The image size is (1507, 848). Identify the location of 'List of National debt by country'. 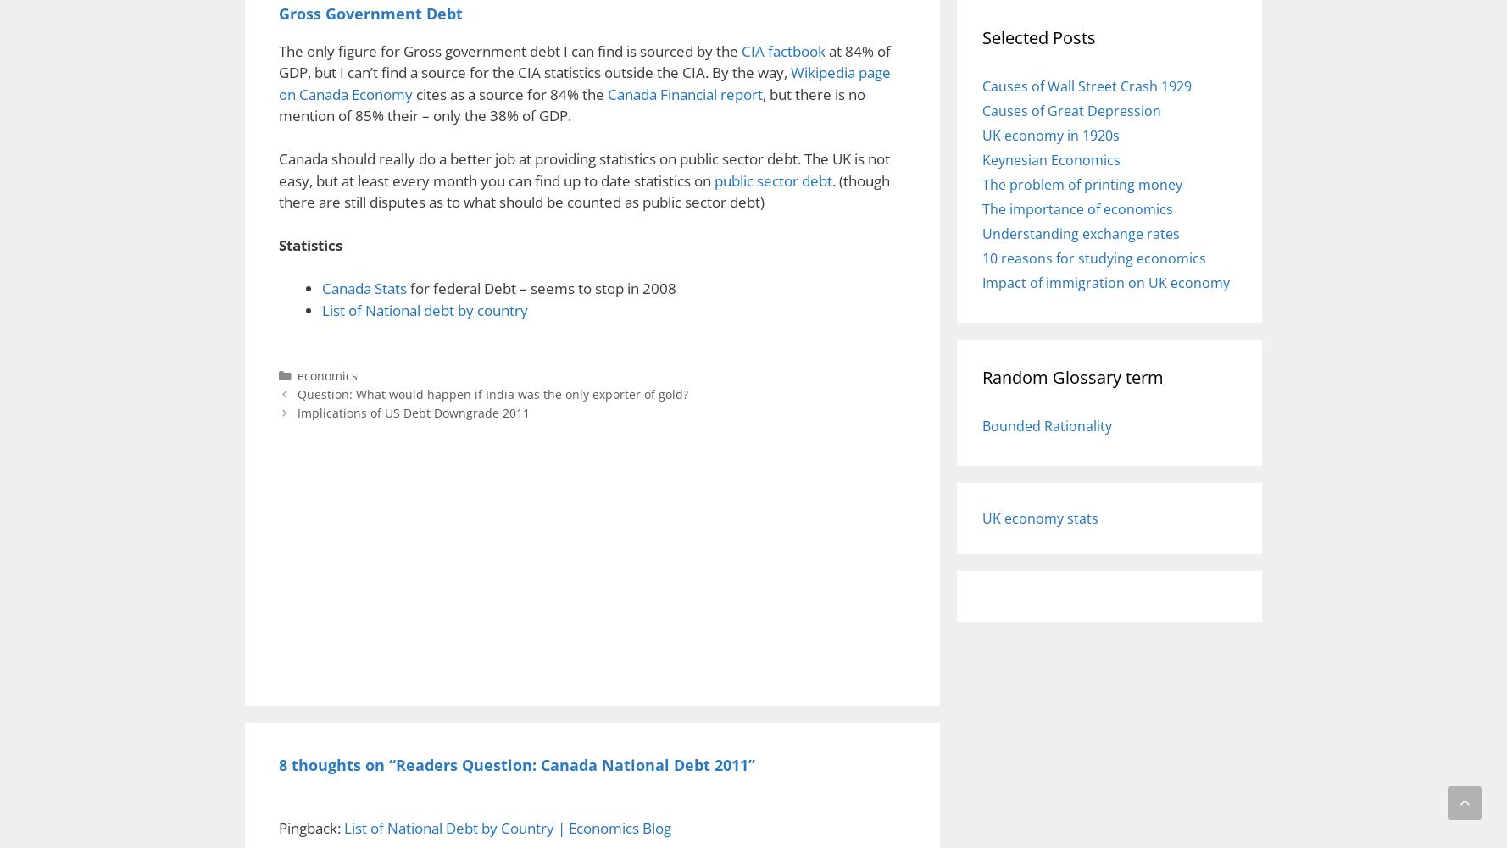
(424, 308).